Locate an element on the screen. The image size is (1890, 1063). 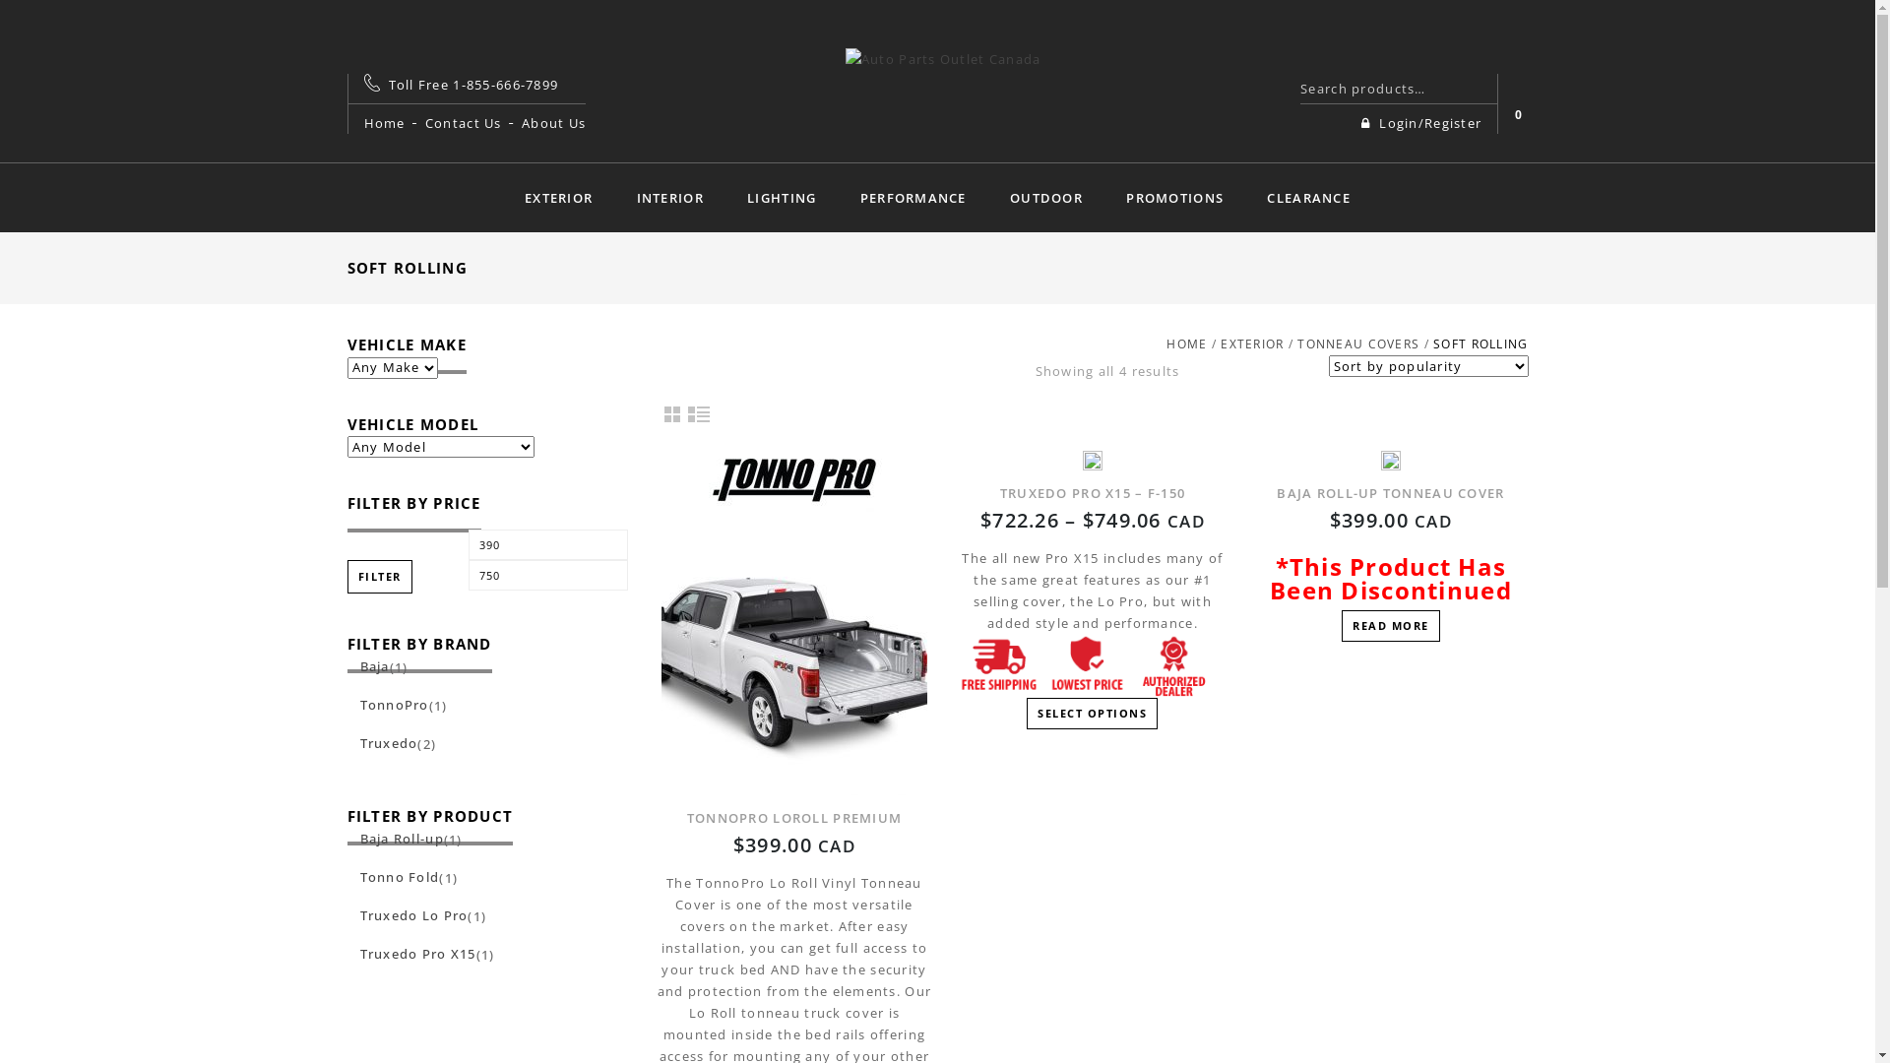
'LIGHTING' is located at coordinates (780, 197).